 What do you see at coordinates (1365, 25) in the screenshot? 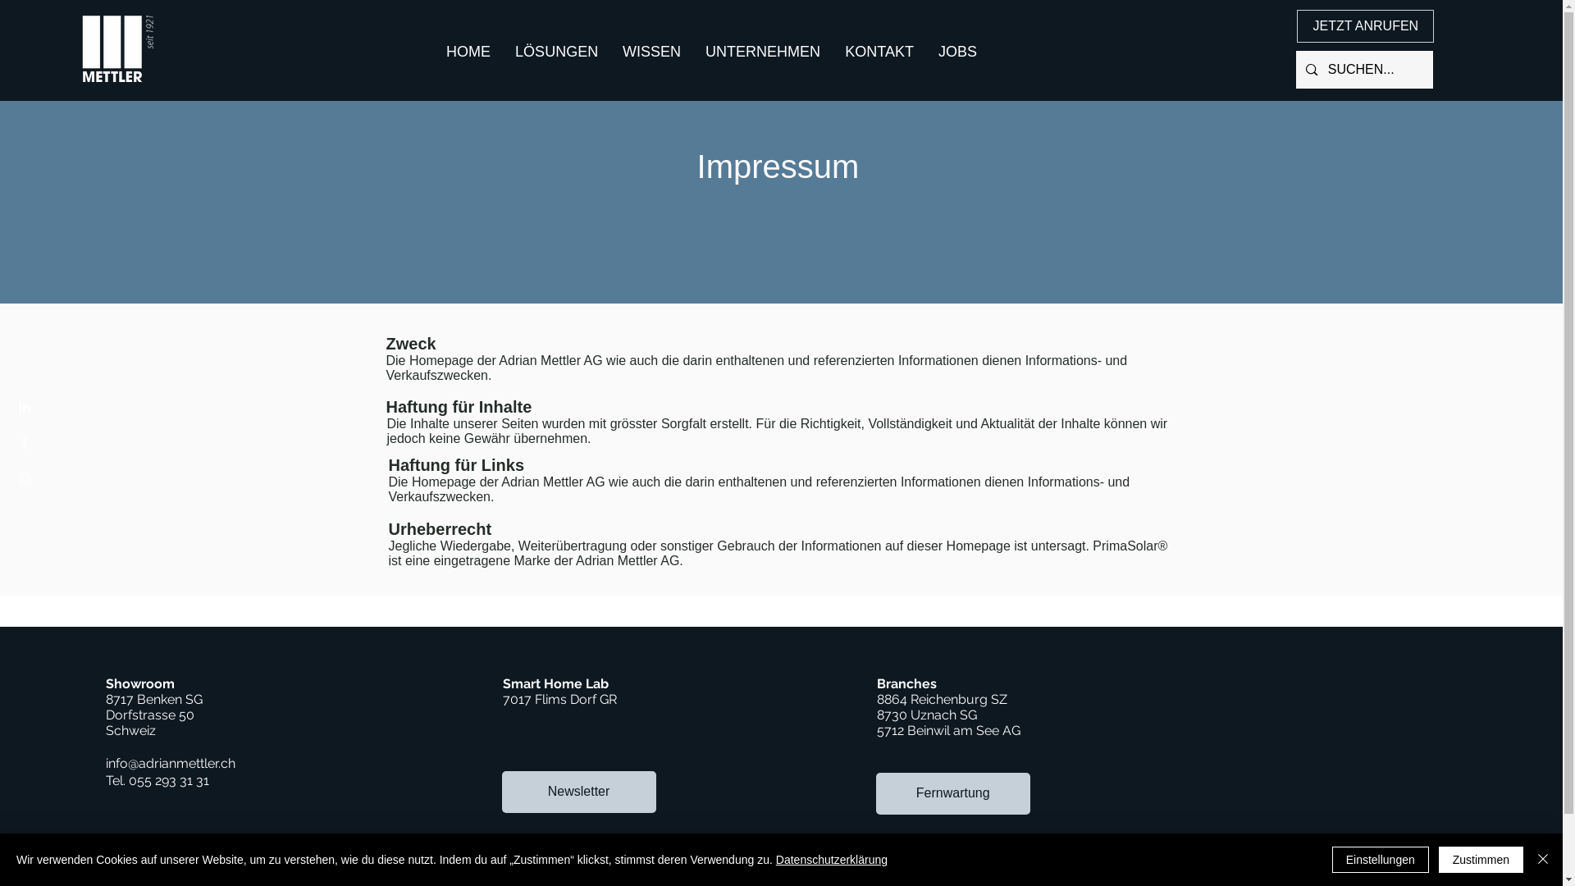
I see `'JETZT ANRUFEN'` at bounding box center [1365, 25].